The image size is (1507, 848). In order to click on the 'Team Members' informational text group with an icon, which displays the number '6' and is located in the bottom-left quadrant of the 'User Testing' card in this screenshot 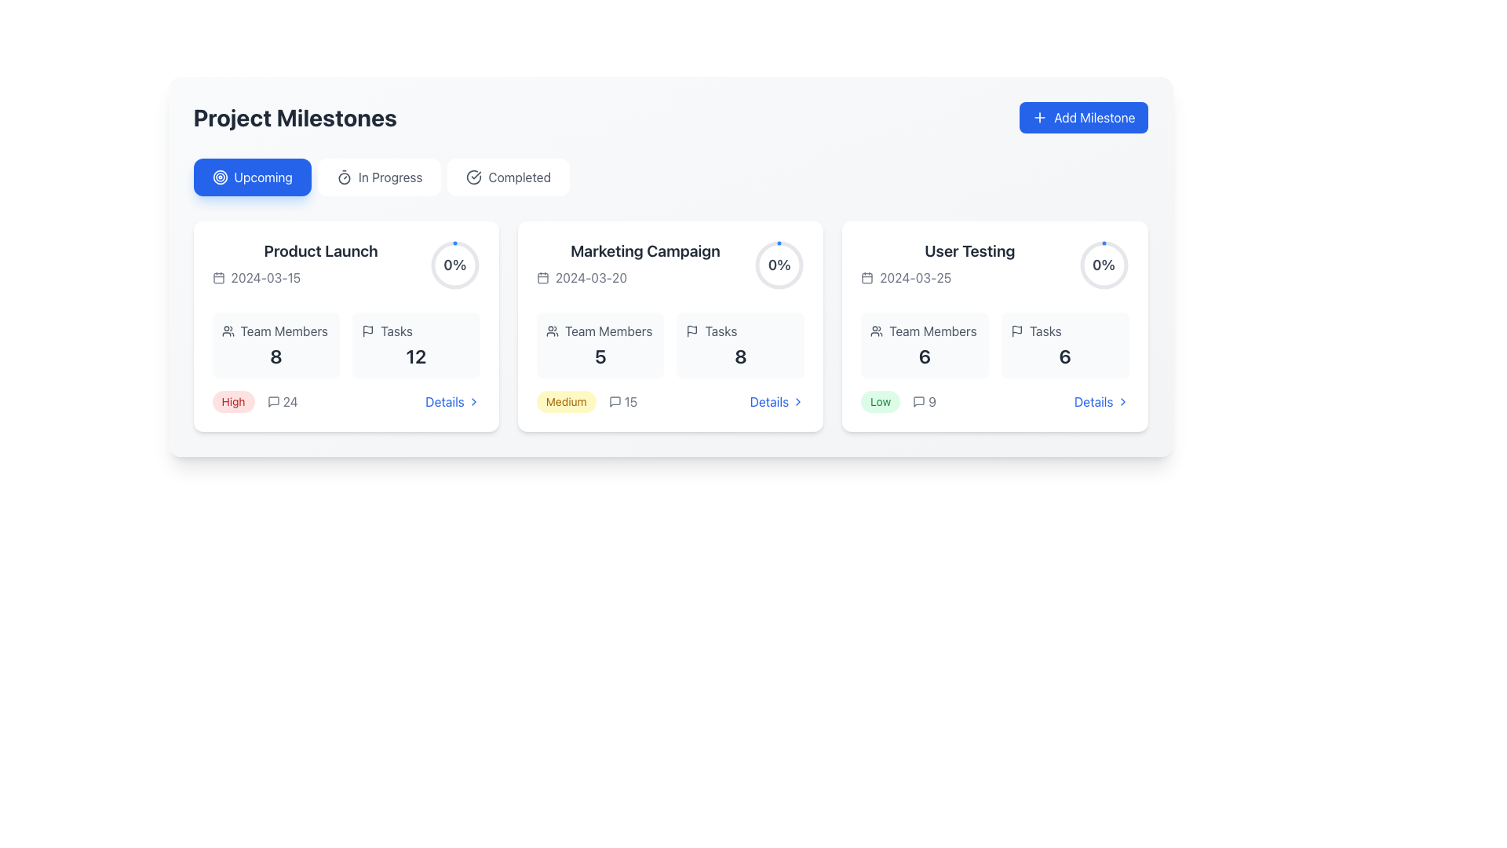, I will do `click(925, 344)`.